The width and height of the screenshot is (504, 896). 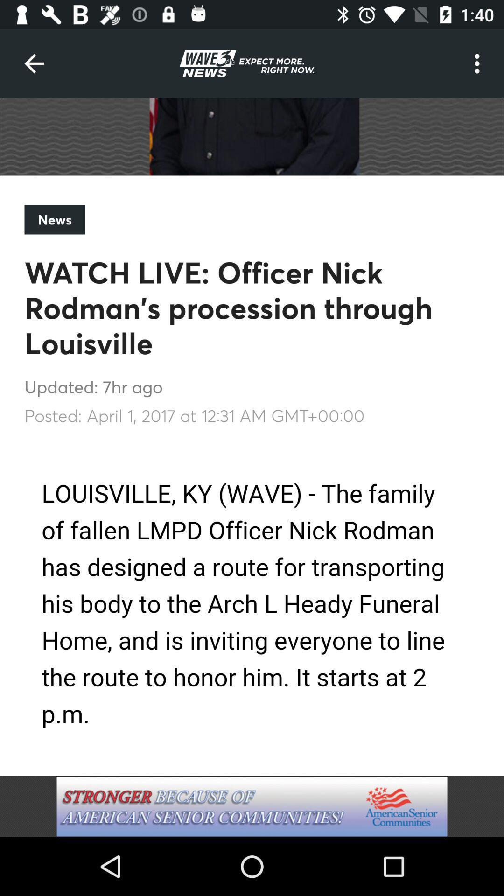 What do you see at coordinates (252, 806) in the screenshot?
I see `view advertisement` at bounding box center [252, 806].